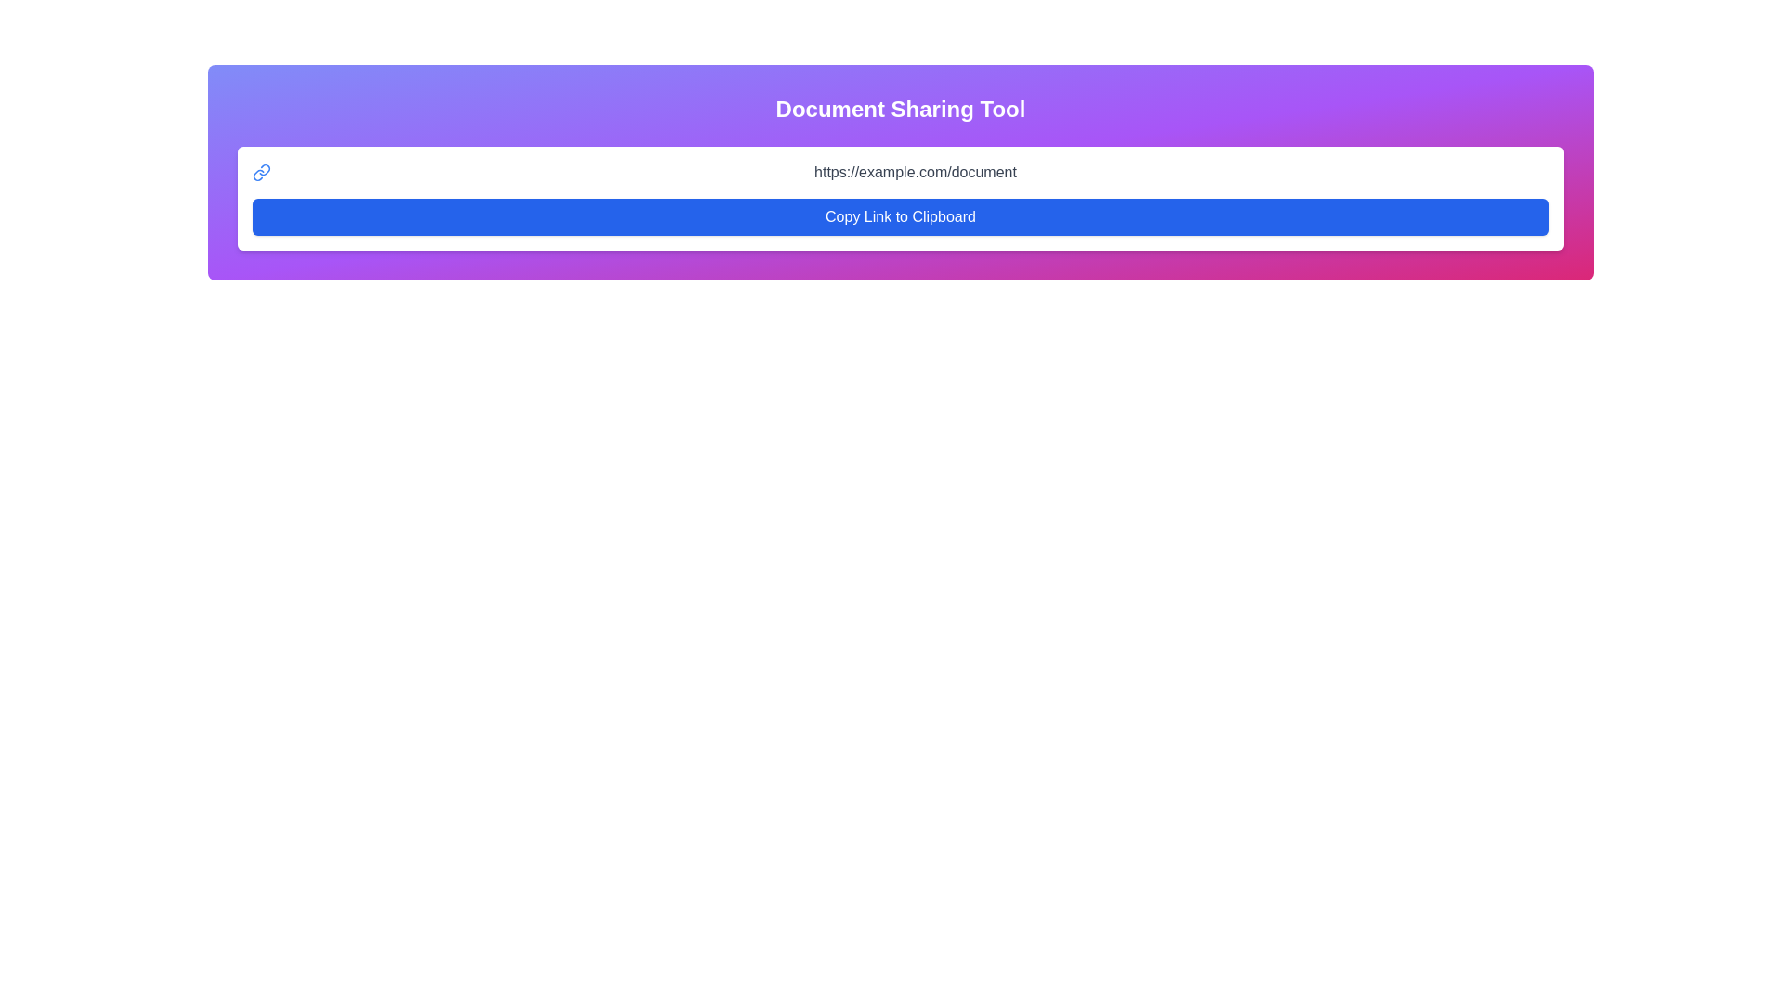 Image resolution: width=1783 pixels, height=1003 pixels. Describe the element at coordinates (264, 170) in the screenshot. I see `the upper-left portion of the chain link icon` at that location.